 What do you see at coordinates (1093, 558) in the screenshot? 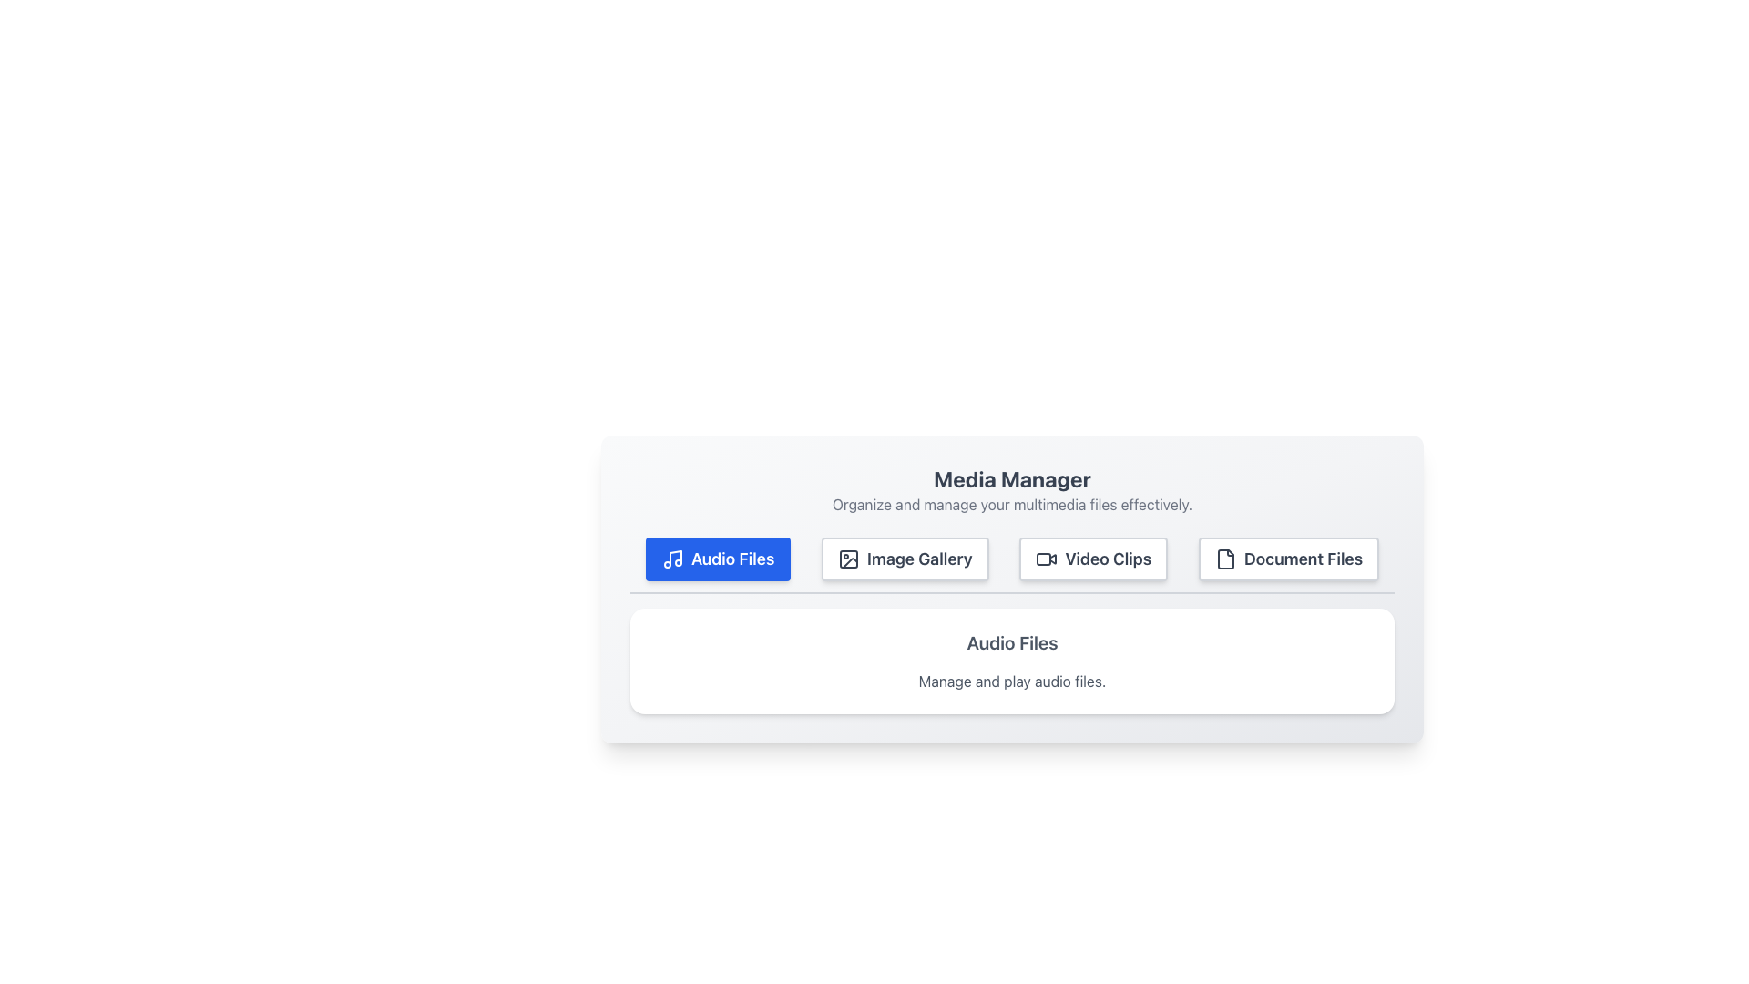
I see `the 'Video Clips' button, which is a rectangular button with a video camera icon and the text 'Video Clips'` at bounding box center [1093, 558].